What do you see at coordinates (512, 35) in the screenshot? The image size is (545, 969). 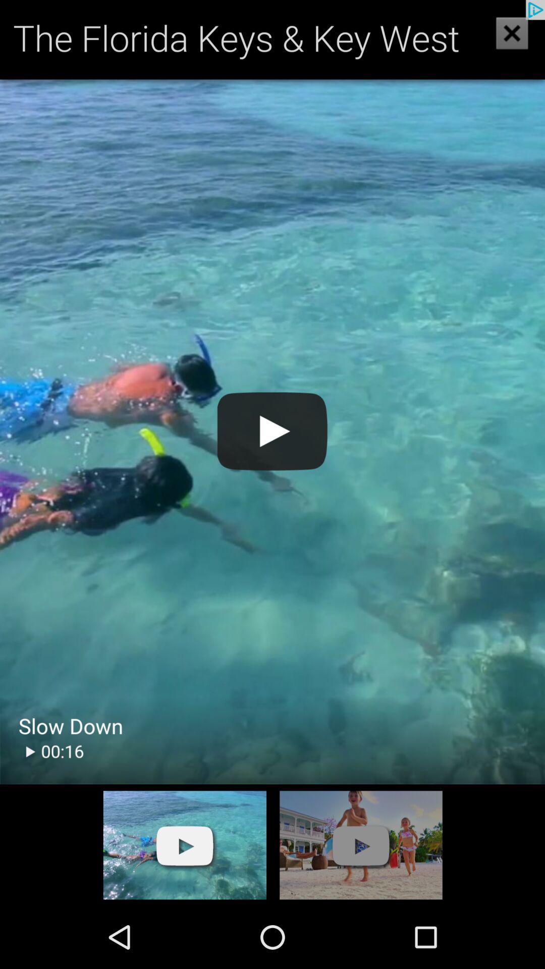 I see `the close icon` at bounding box center [512, 35].